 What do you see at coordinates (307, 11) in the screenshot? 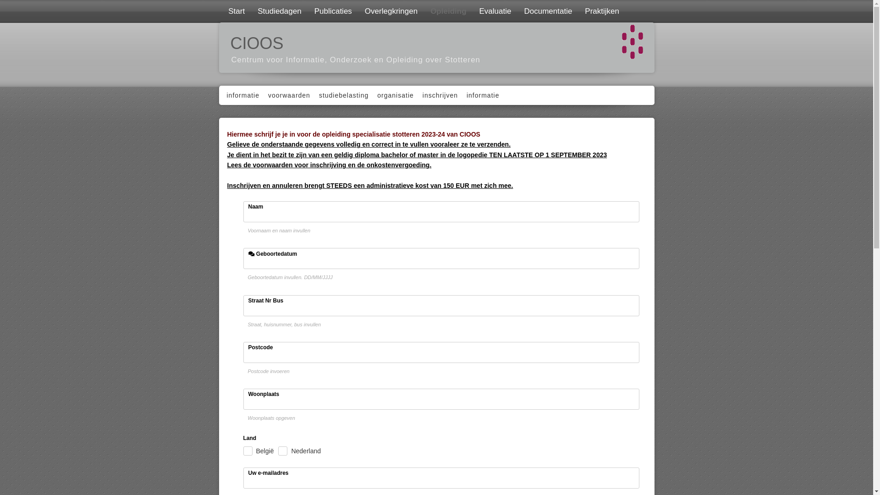
I see `'Publicaties'` at bounding box center [307, 11].